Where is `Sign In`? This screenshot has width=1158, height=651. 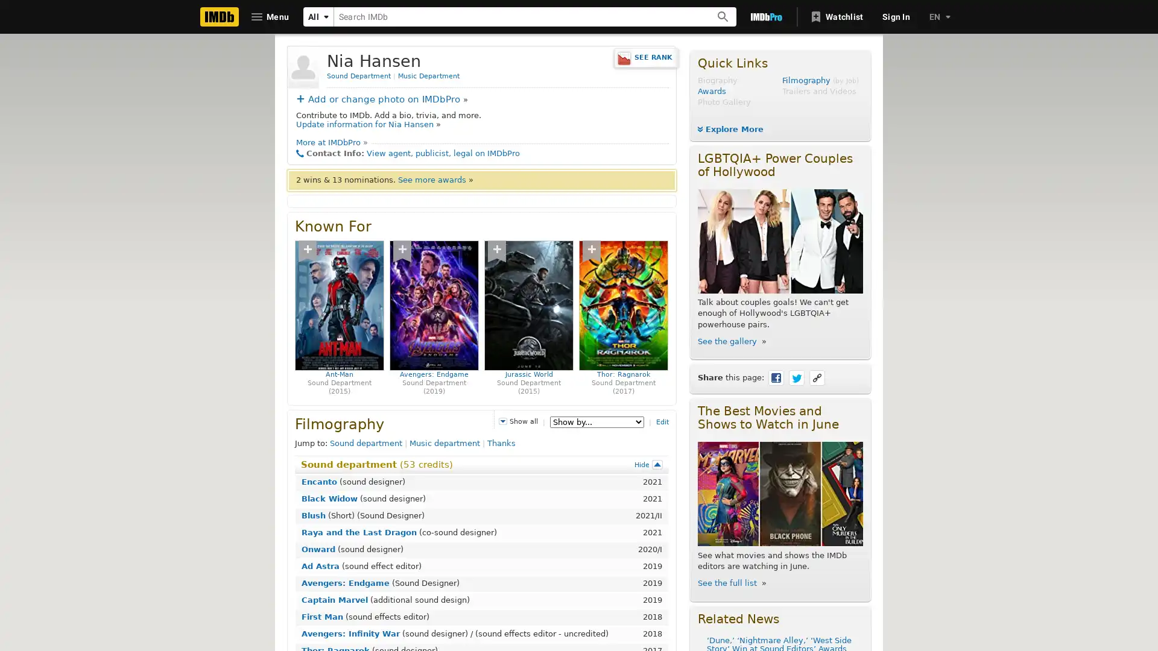 Sign In is located at coordinates (896, 16).